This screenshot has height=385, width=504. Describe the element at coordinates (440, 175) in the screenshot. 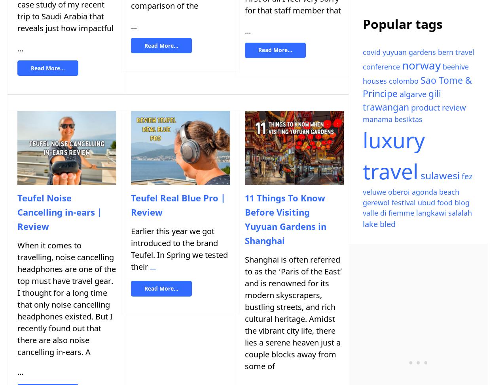

I see `'sulawesi'` at that location.